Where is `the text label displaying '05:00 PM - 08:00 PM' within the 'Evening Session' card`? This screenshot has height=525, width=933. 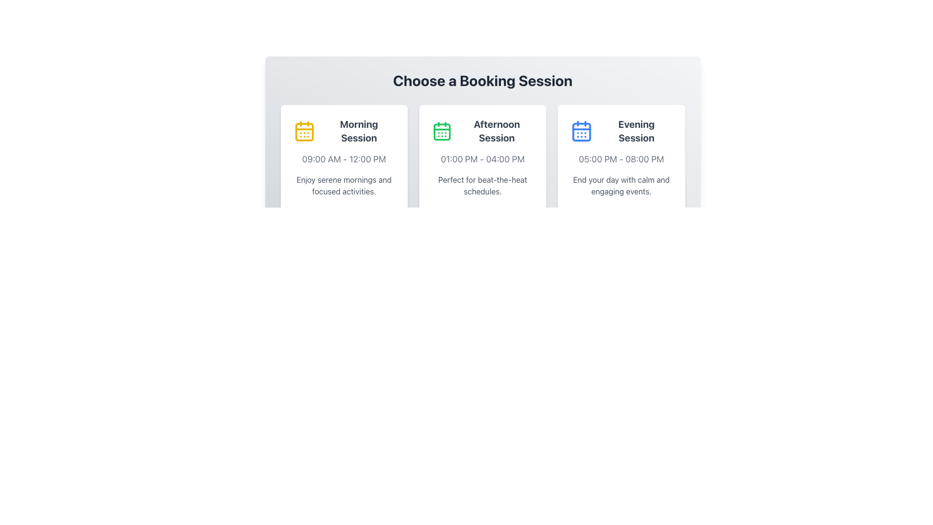
the text label displaying '05:00 PM - 08:00 PM' within the 'Evening Session' card is located at coordinates (621, 158).